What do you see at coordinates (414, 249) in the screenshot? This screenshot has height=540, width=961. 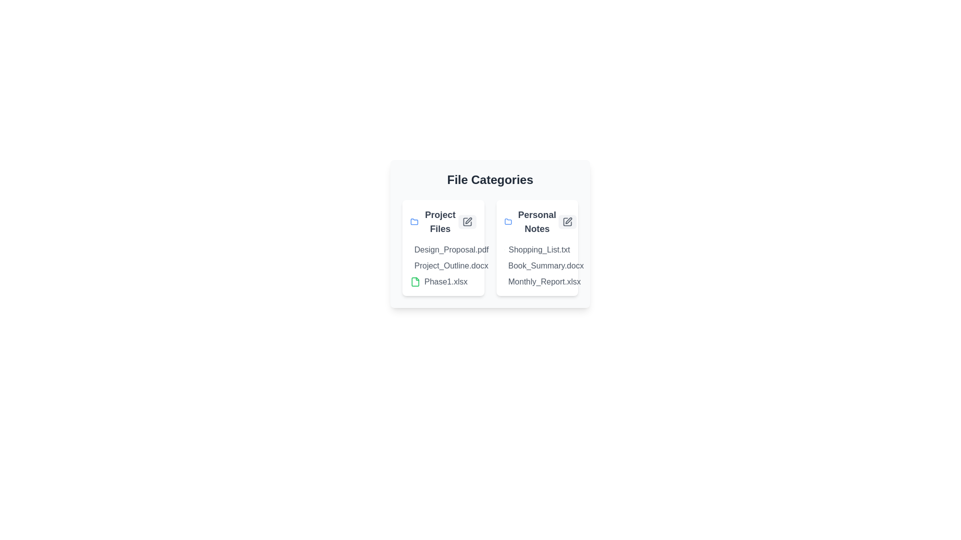 I see `the document Design_Proposal.pdf` at bounding box center [414, 249].